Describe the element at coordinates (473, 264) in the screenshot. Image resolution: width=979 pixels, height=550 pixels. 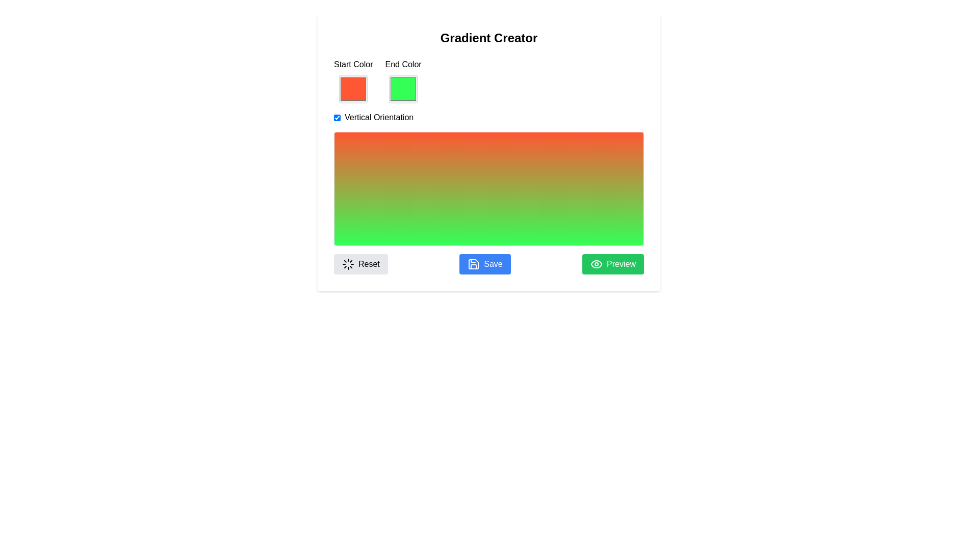
I see `the 'Save' button icon, which represents the action of saving data or a project, located at the bottom central part of the interface` at that location.